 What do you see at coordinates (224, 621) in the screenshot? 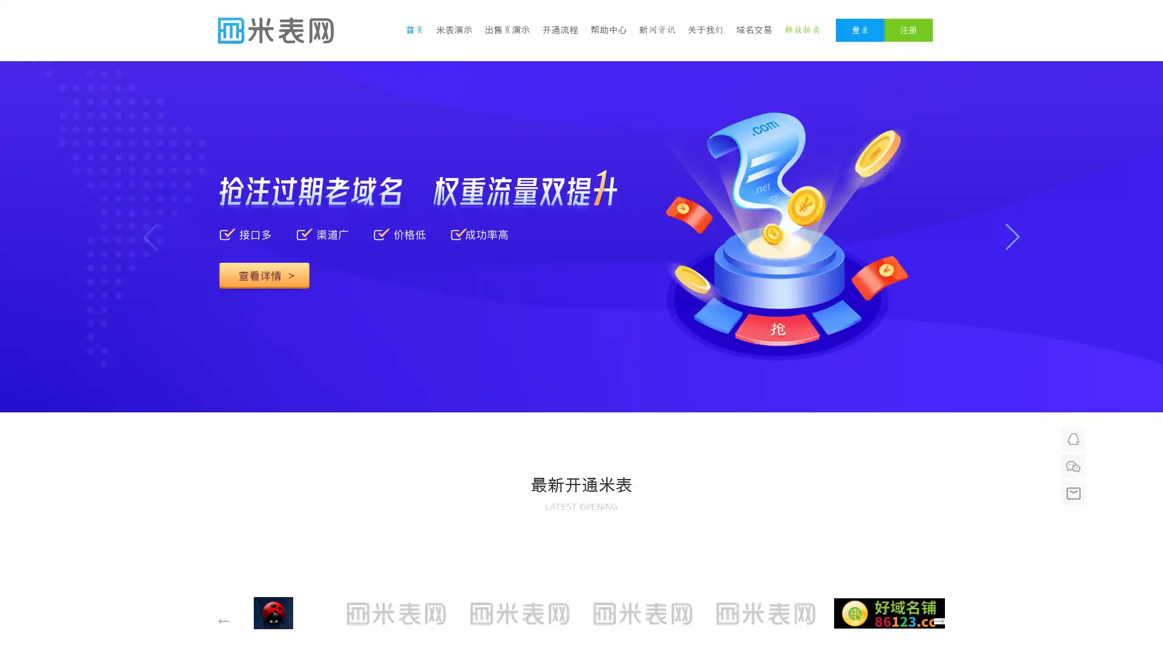
I see `Previous slide` at bounding box center [224, 621].